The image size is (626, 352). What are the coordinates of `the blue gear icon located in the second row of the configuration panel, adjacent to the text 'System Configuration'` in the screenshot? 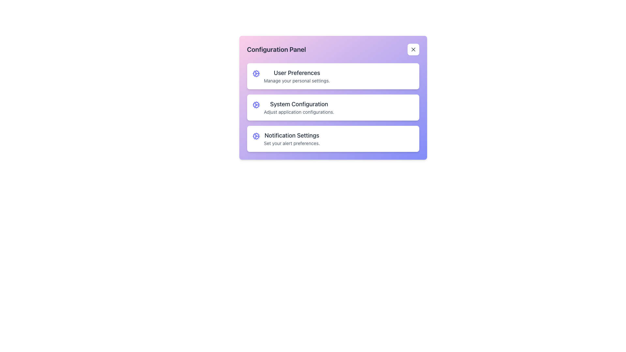 It's located at (256, 104).